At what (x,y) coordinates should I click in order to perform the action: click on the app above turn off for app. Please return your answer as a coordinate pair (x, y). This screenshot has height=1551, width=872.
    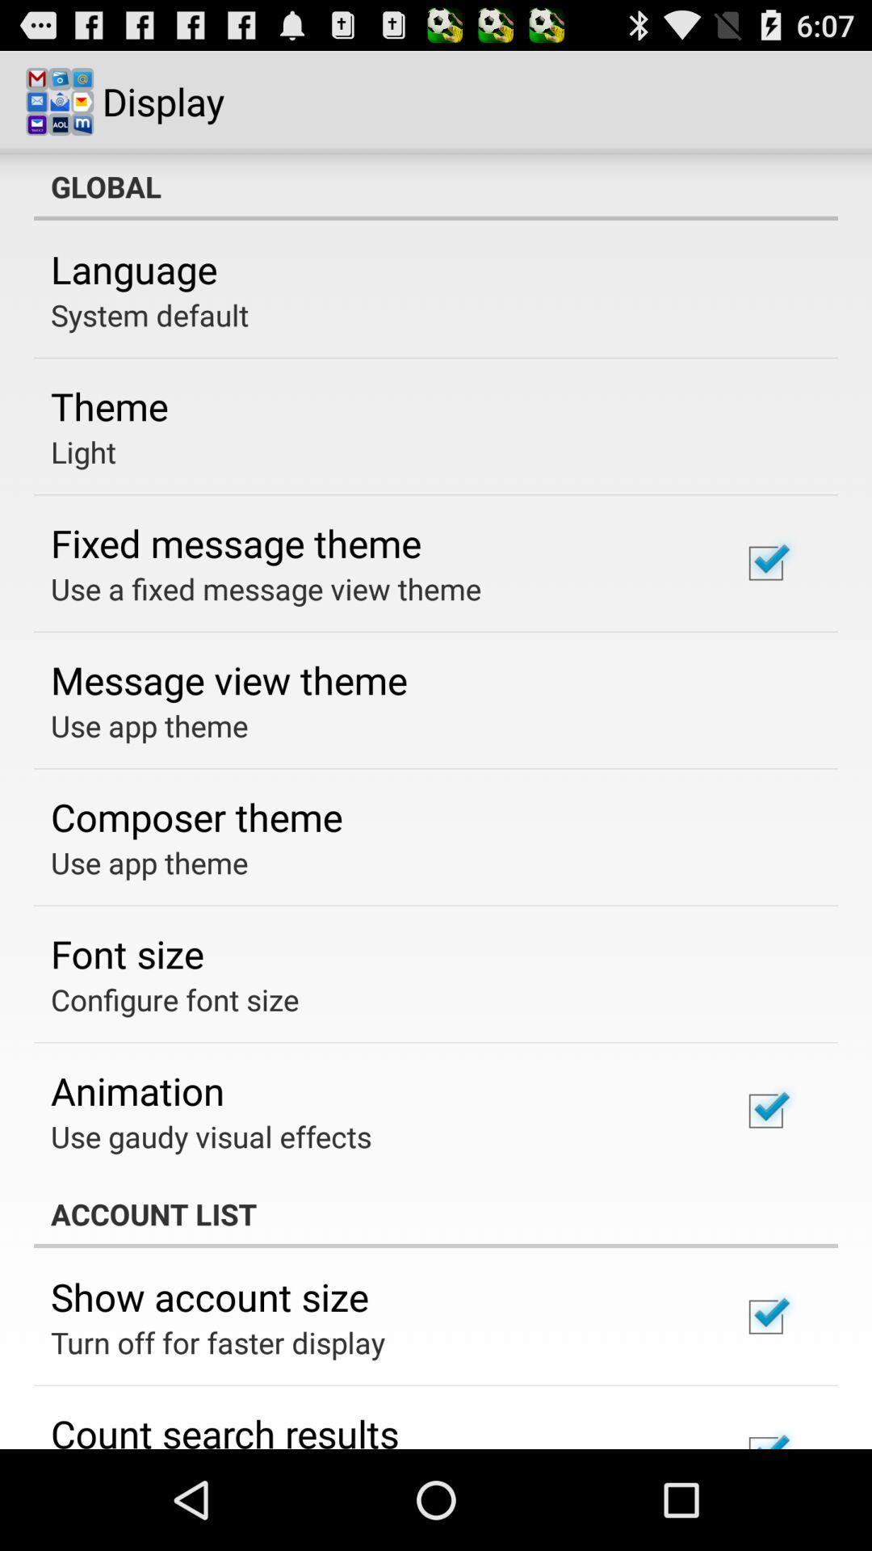
    Looking at the image, I should click on (208, 1297).